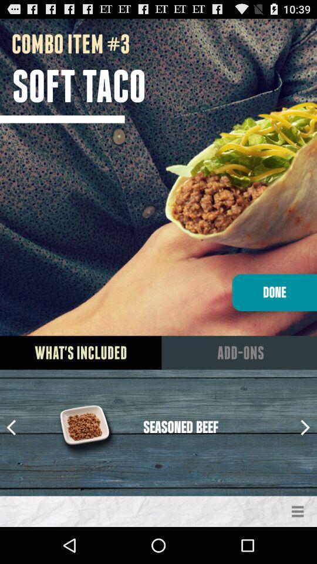  Describe the element at coordinates (305, 456) in the screenshot. I see `the arrow_forward icon` at that location.